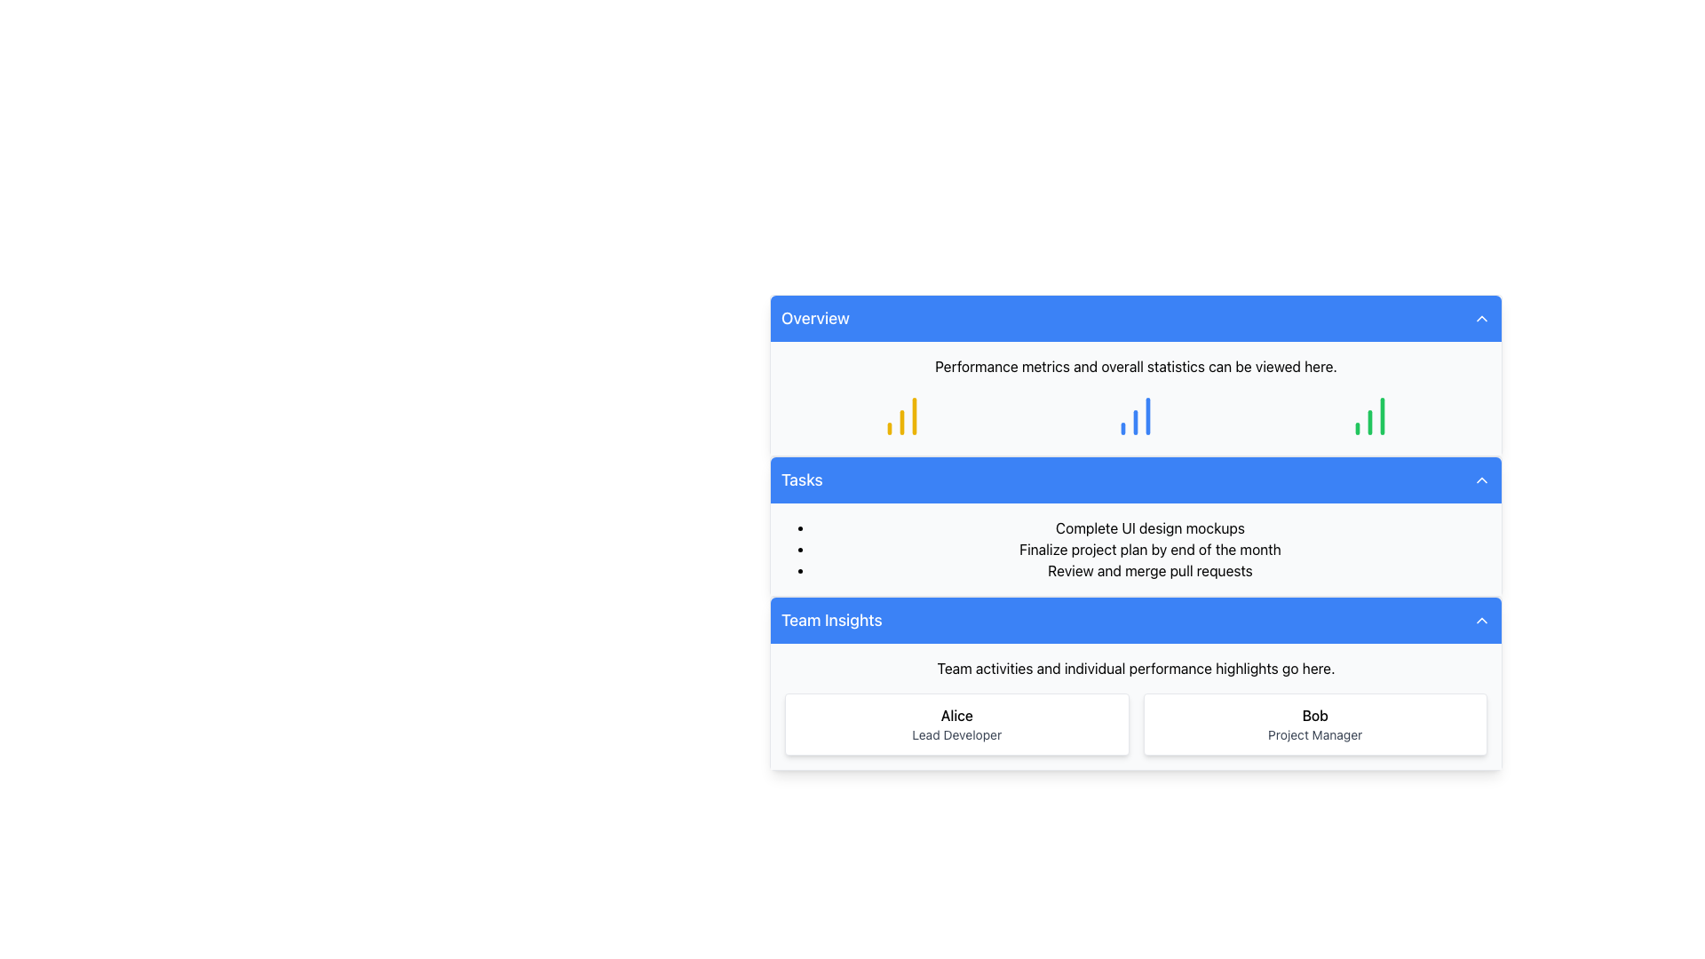 This screenshot has width=1705, height=959. Describe the element at coordinates (1135, 416) in the screenshot. I see `the blue bar chart icon, which is the second icon in a row of three, located under the 'Performance metrics and overall statistics can be viewed here.' section in the 'Overview' panel` at that location.